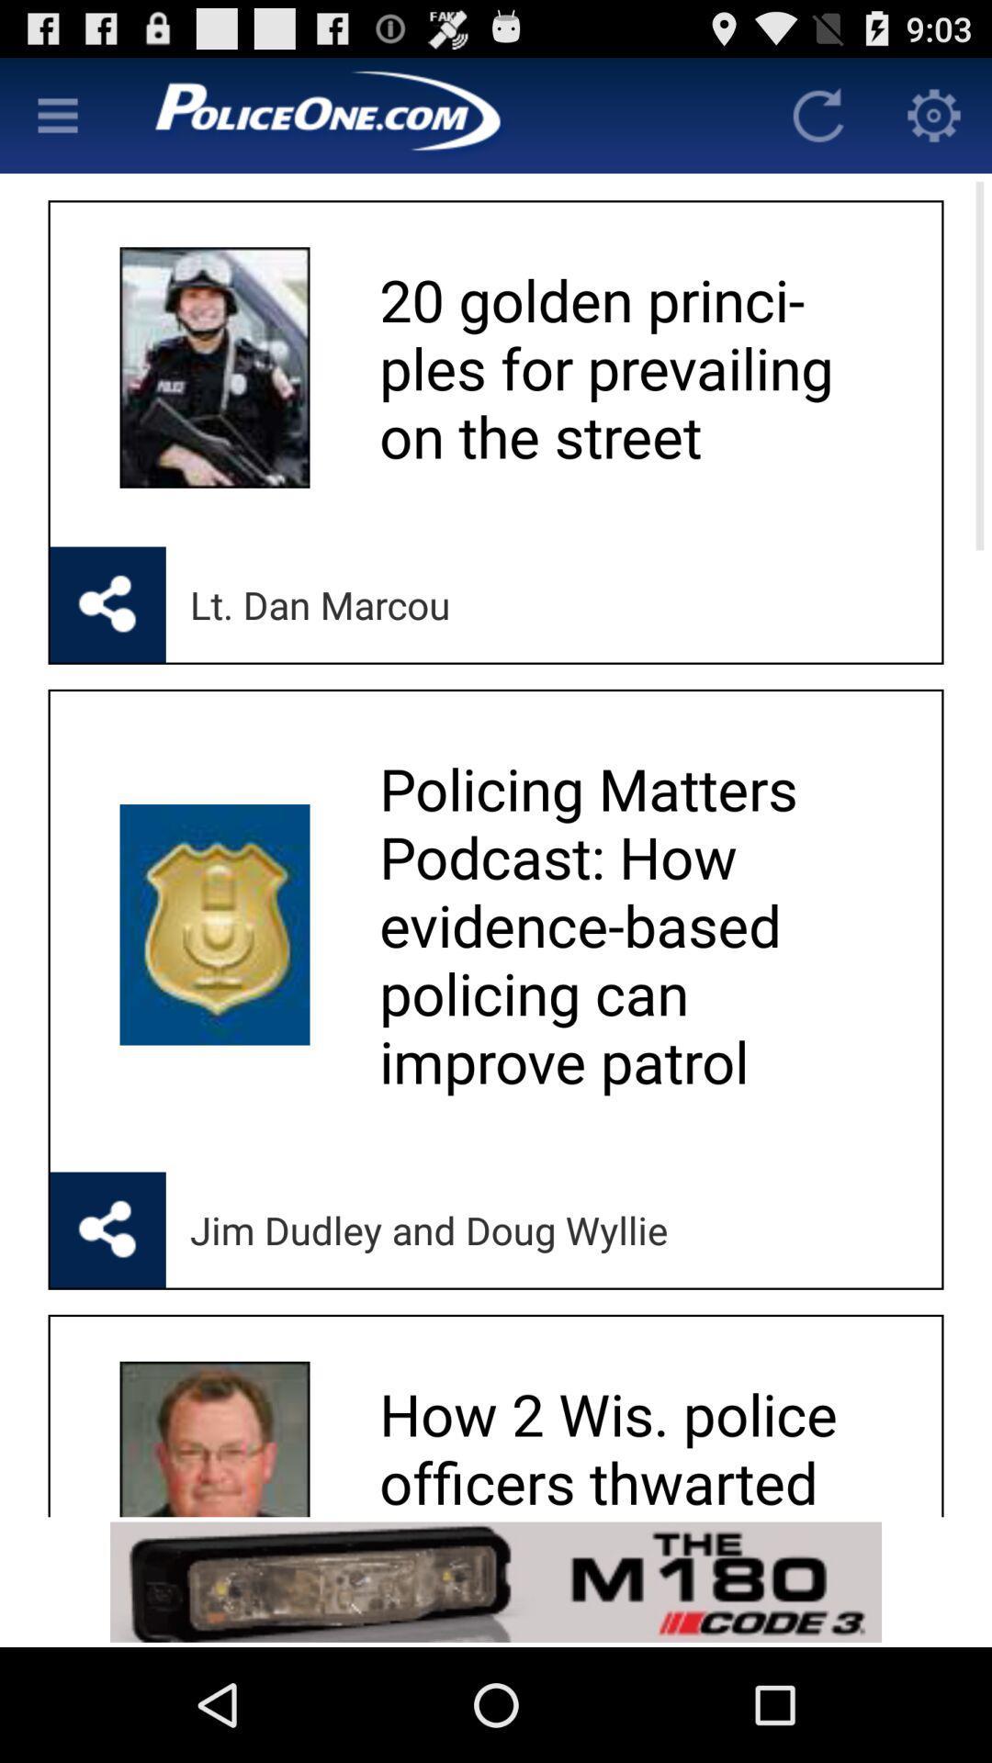 The height and width of the screenshot is (1763, 992). I want to click on advertisement in new app, so click(496, 1581).